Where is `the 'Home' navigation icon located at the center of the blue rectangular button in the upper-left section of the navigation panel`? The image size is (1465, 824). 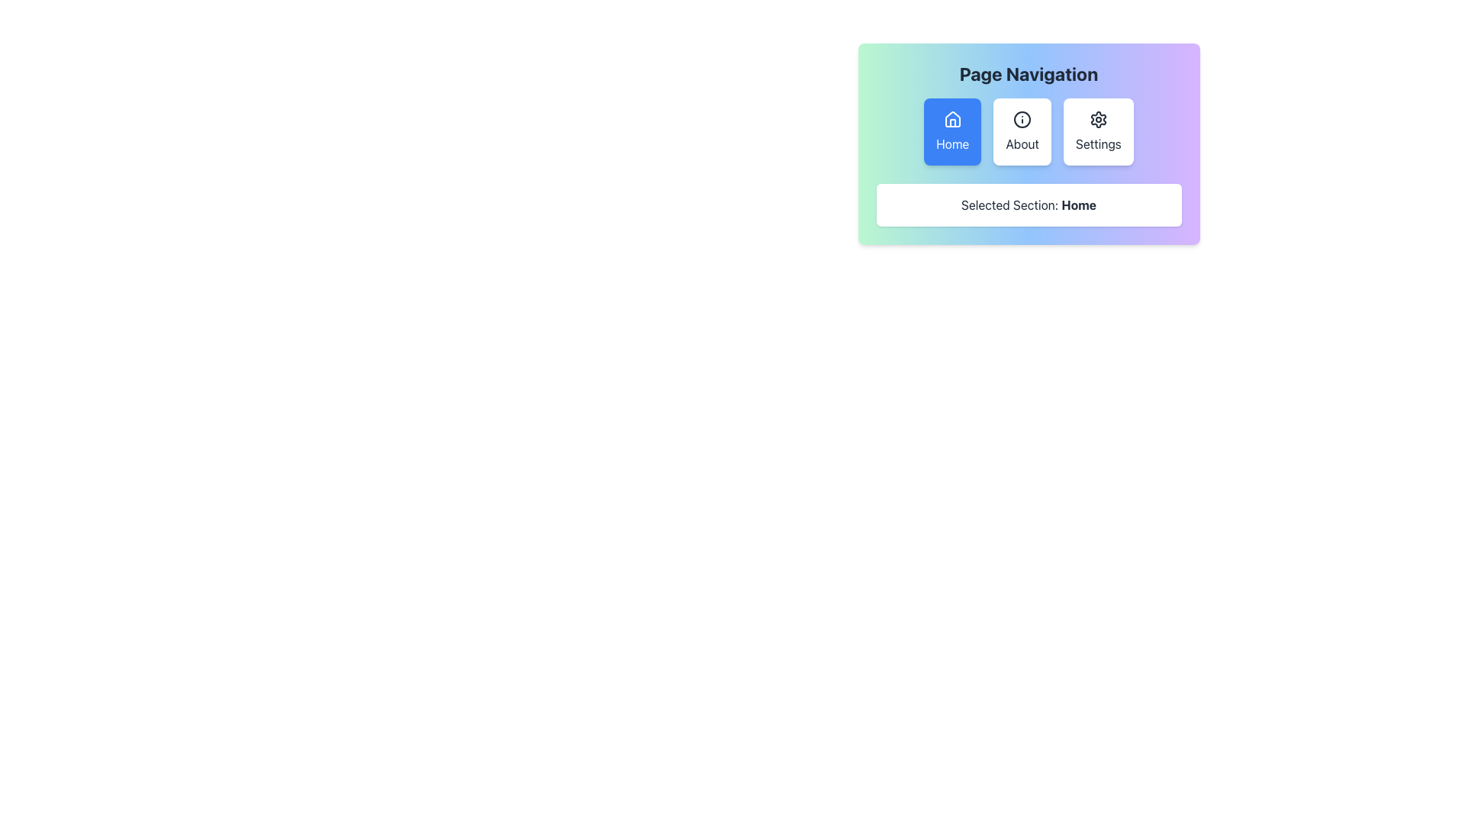
the 'Home' navigation icon located at the center of the blue rectangular button in the upper-left section of the navigation panel is located at coordinates (951, 119).